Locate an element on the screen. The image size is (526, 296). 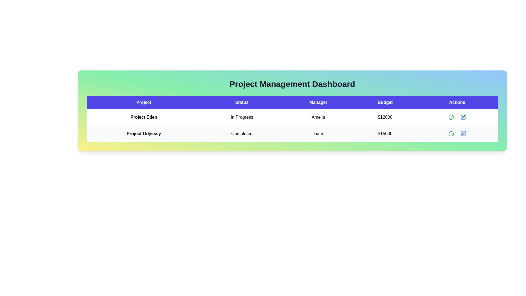
the header element labeled 'Actions' which is positioned at the far right of the table header row, displaying white text on a purple background is located at coordinates (457, 102).